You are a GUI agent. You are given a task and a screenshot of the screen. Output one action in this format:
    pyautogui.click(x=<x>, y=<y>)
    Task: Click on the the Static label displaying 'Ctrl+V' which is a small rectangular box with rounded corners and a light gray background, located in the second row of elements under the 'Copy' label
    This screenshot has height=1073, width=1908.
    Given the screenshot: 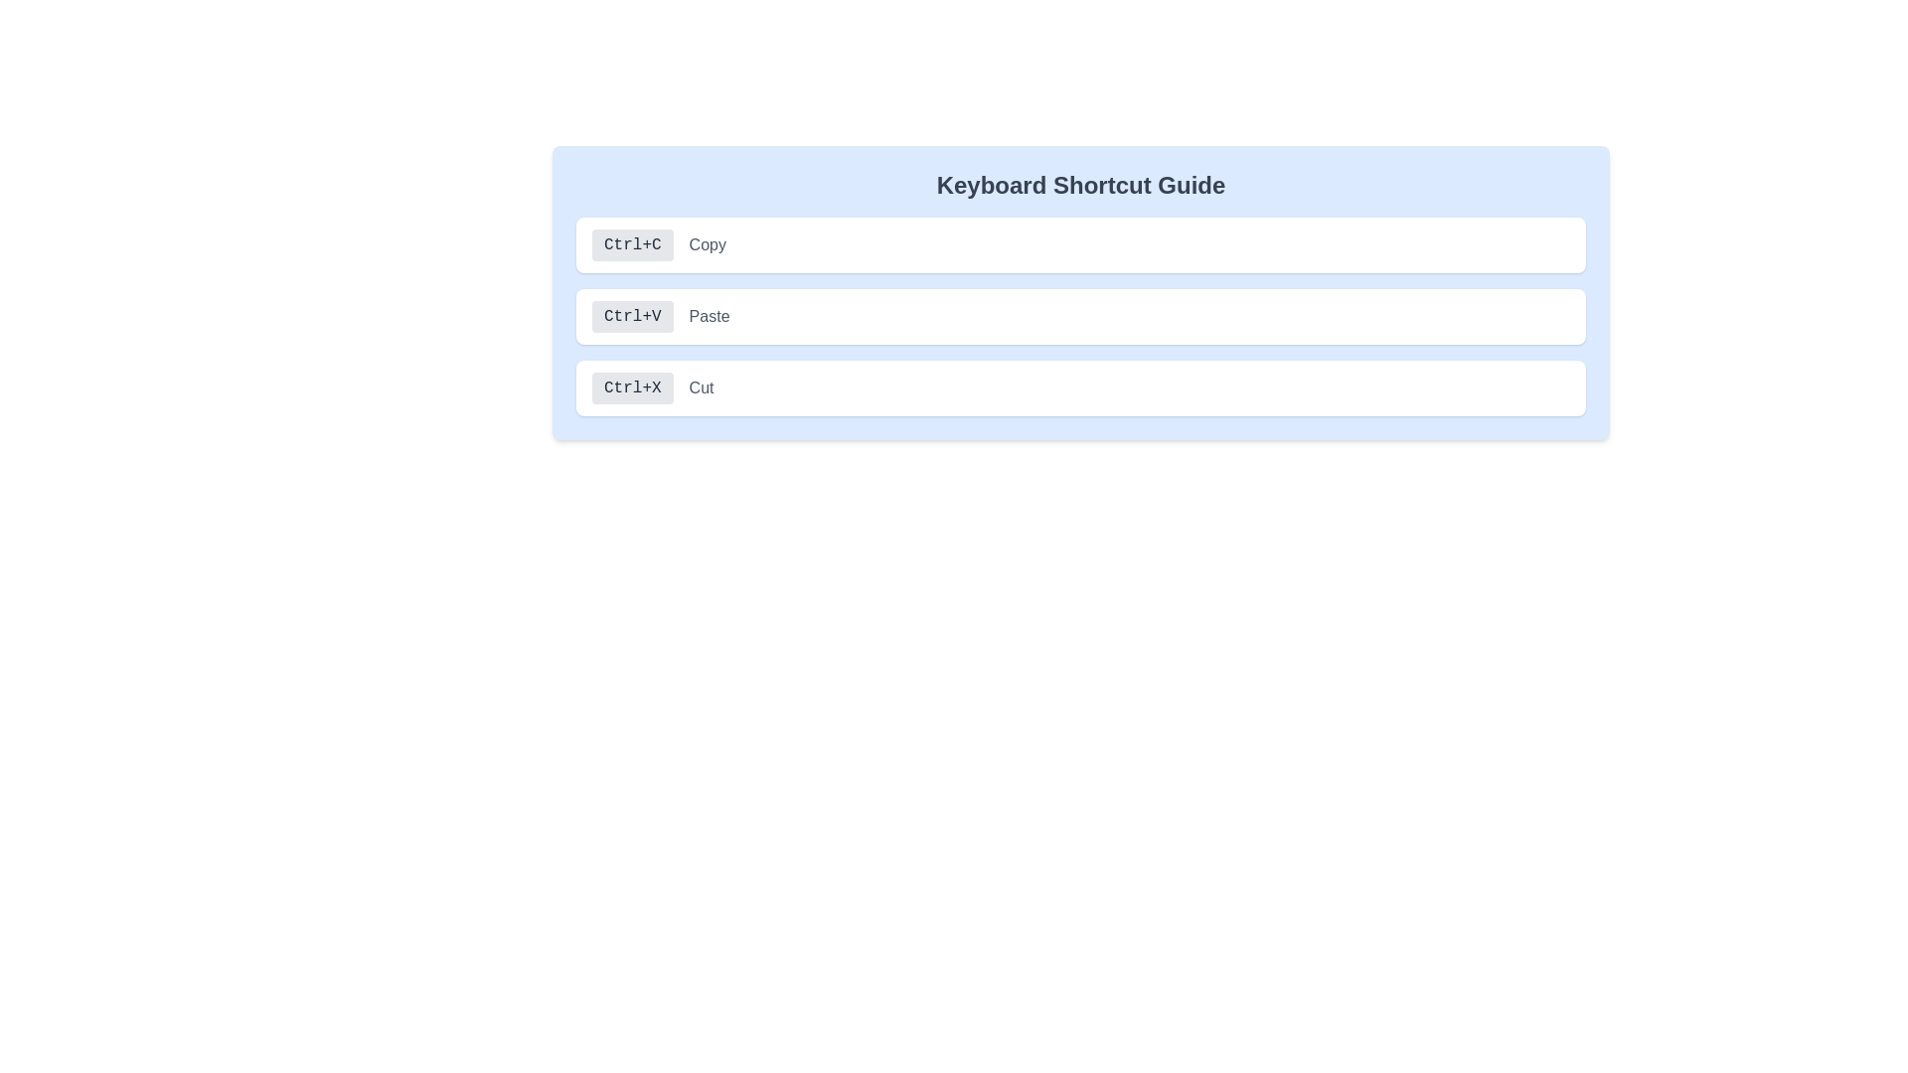 What is the action you would take?
    pyautogui.click(x=631, y=316)
    